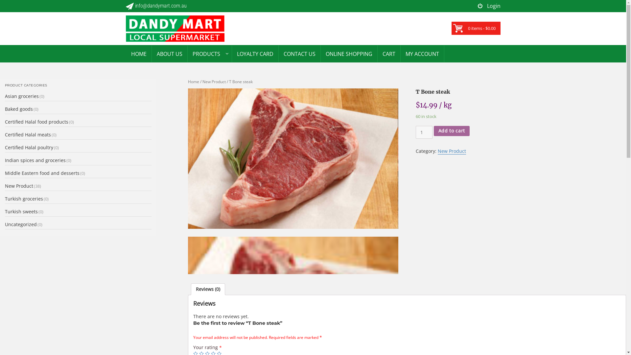 Image resolution: width=631 pixels, height=355 pixels. I want to click on 'Certified Halal food products', so click(36, 122).